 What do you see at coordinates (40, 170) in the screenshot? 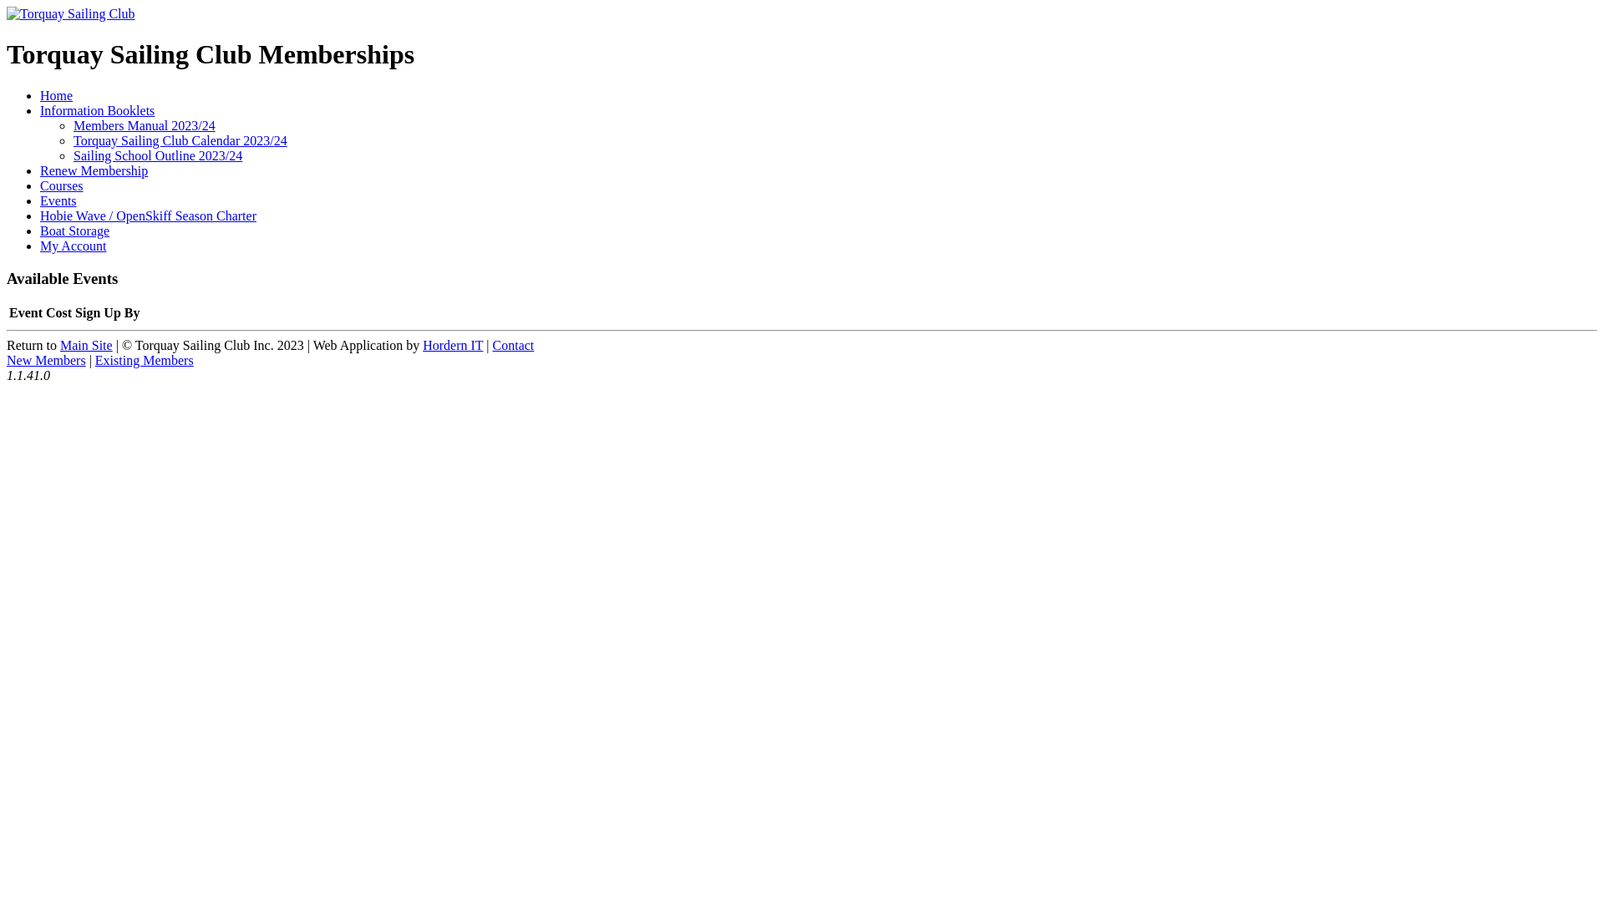
I see `'Renew Membership'` at bounding box center [40, 170].